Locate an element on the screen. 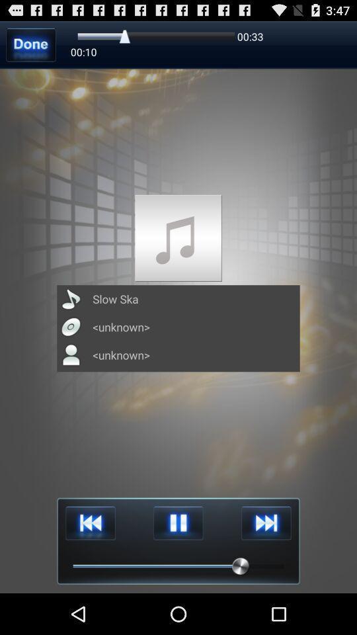  previous track is located at coordinates (90, 523).